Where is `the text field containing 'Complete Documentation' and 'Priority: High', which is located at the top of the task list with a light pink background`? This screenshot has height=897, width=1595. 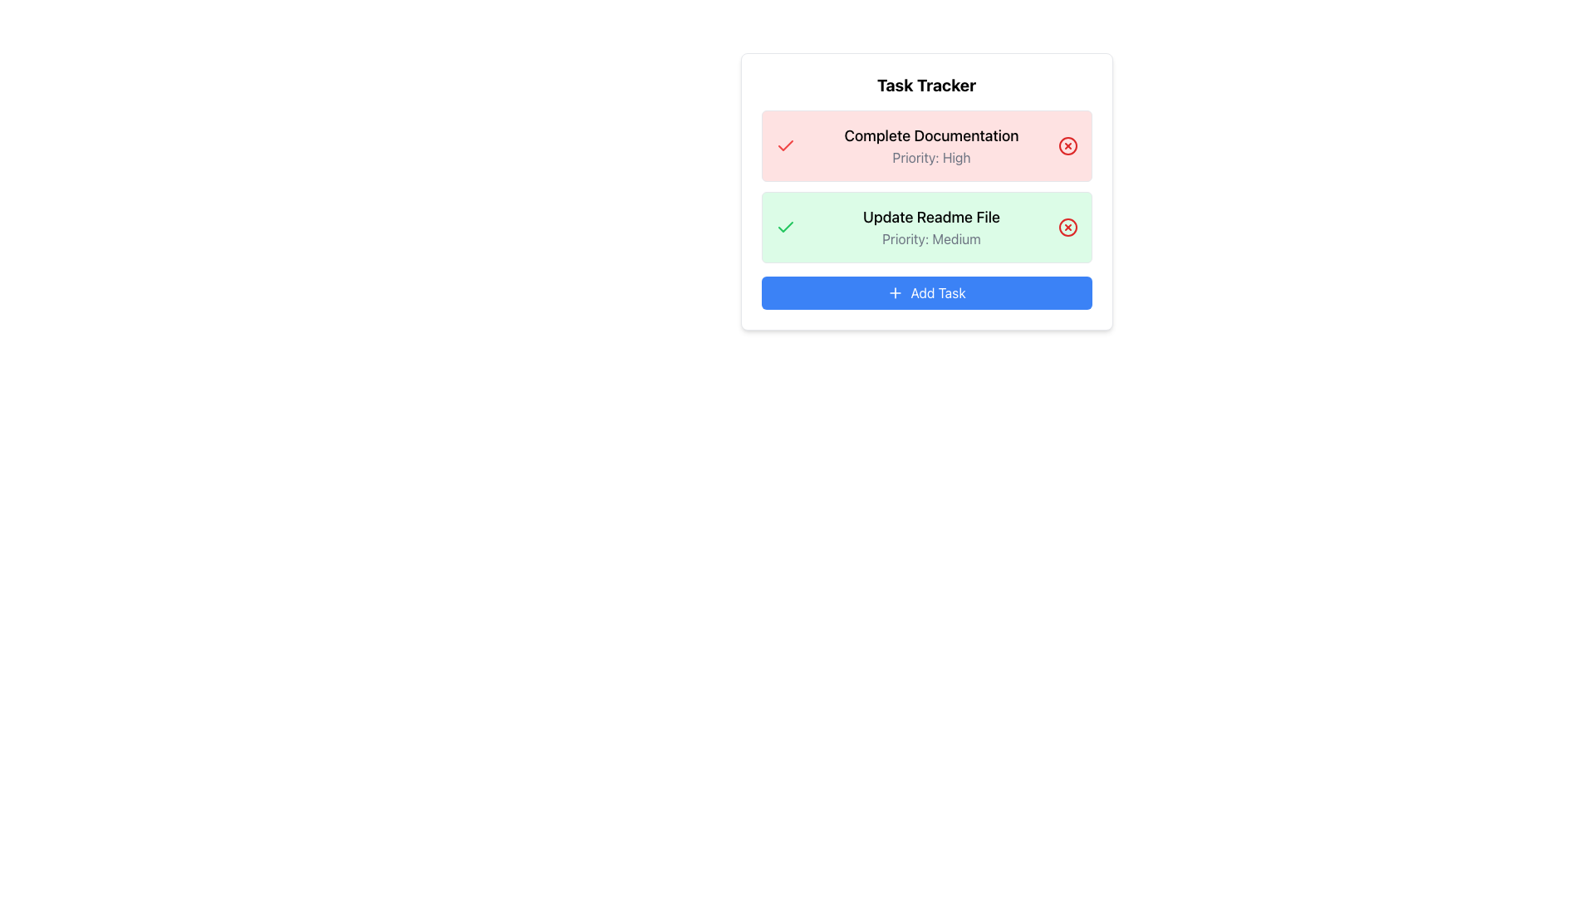
the text field containing 'Complete Documentation' and 'Priority: High', which is located at the top of the task list with a light pink background is located at coordinates (931, 145).